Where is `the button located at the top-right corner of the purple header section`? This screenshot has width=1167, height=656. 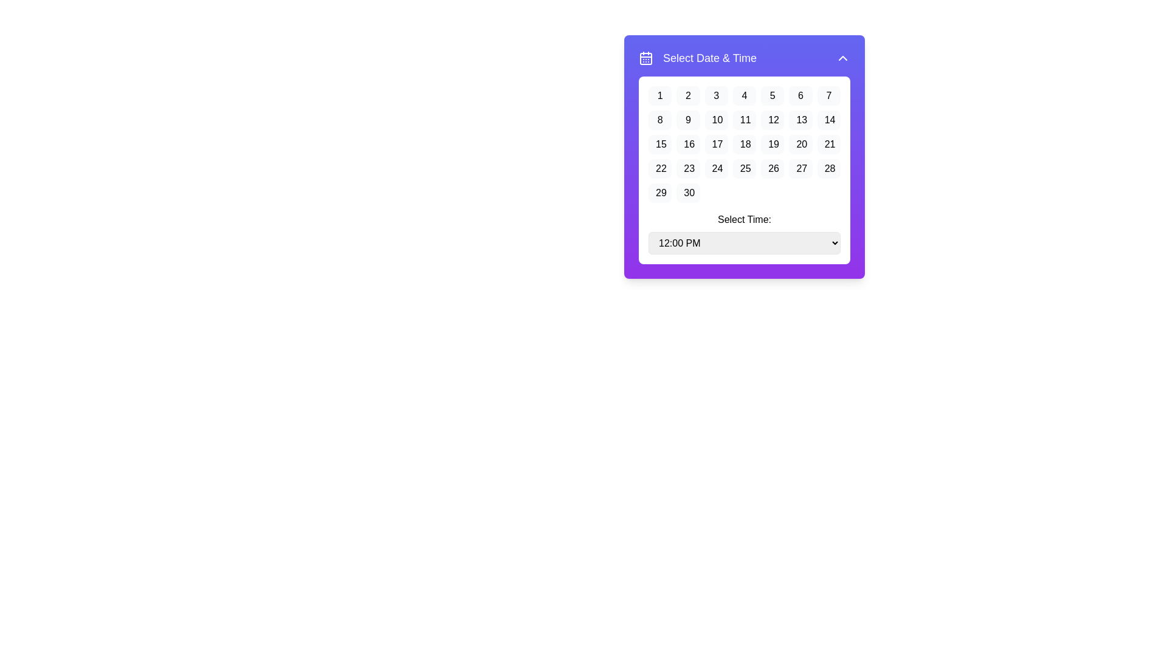
the button located at the top-right corner of the purple header section is located at coordinates (842, 58).